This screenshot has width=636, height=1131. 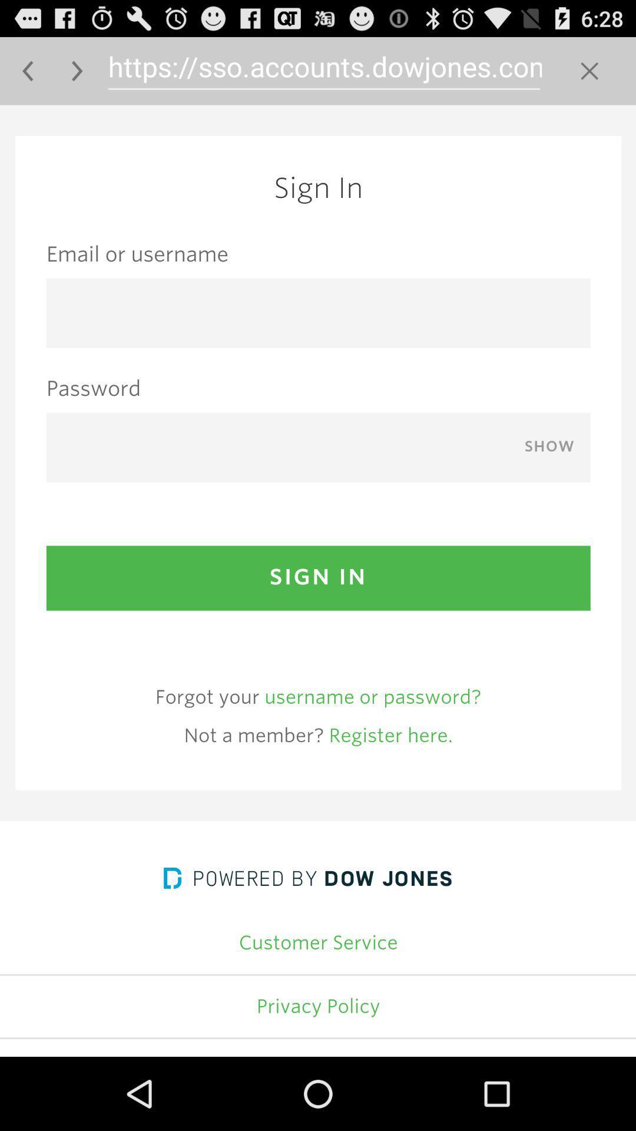 What do you see at coordinates (27, 75) in the screenshot?
I see `the arrow_backward icon` at bounding box center [27, 75].